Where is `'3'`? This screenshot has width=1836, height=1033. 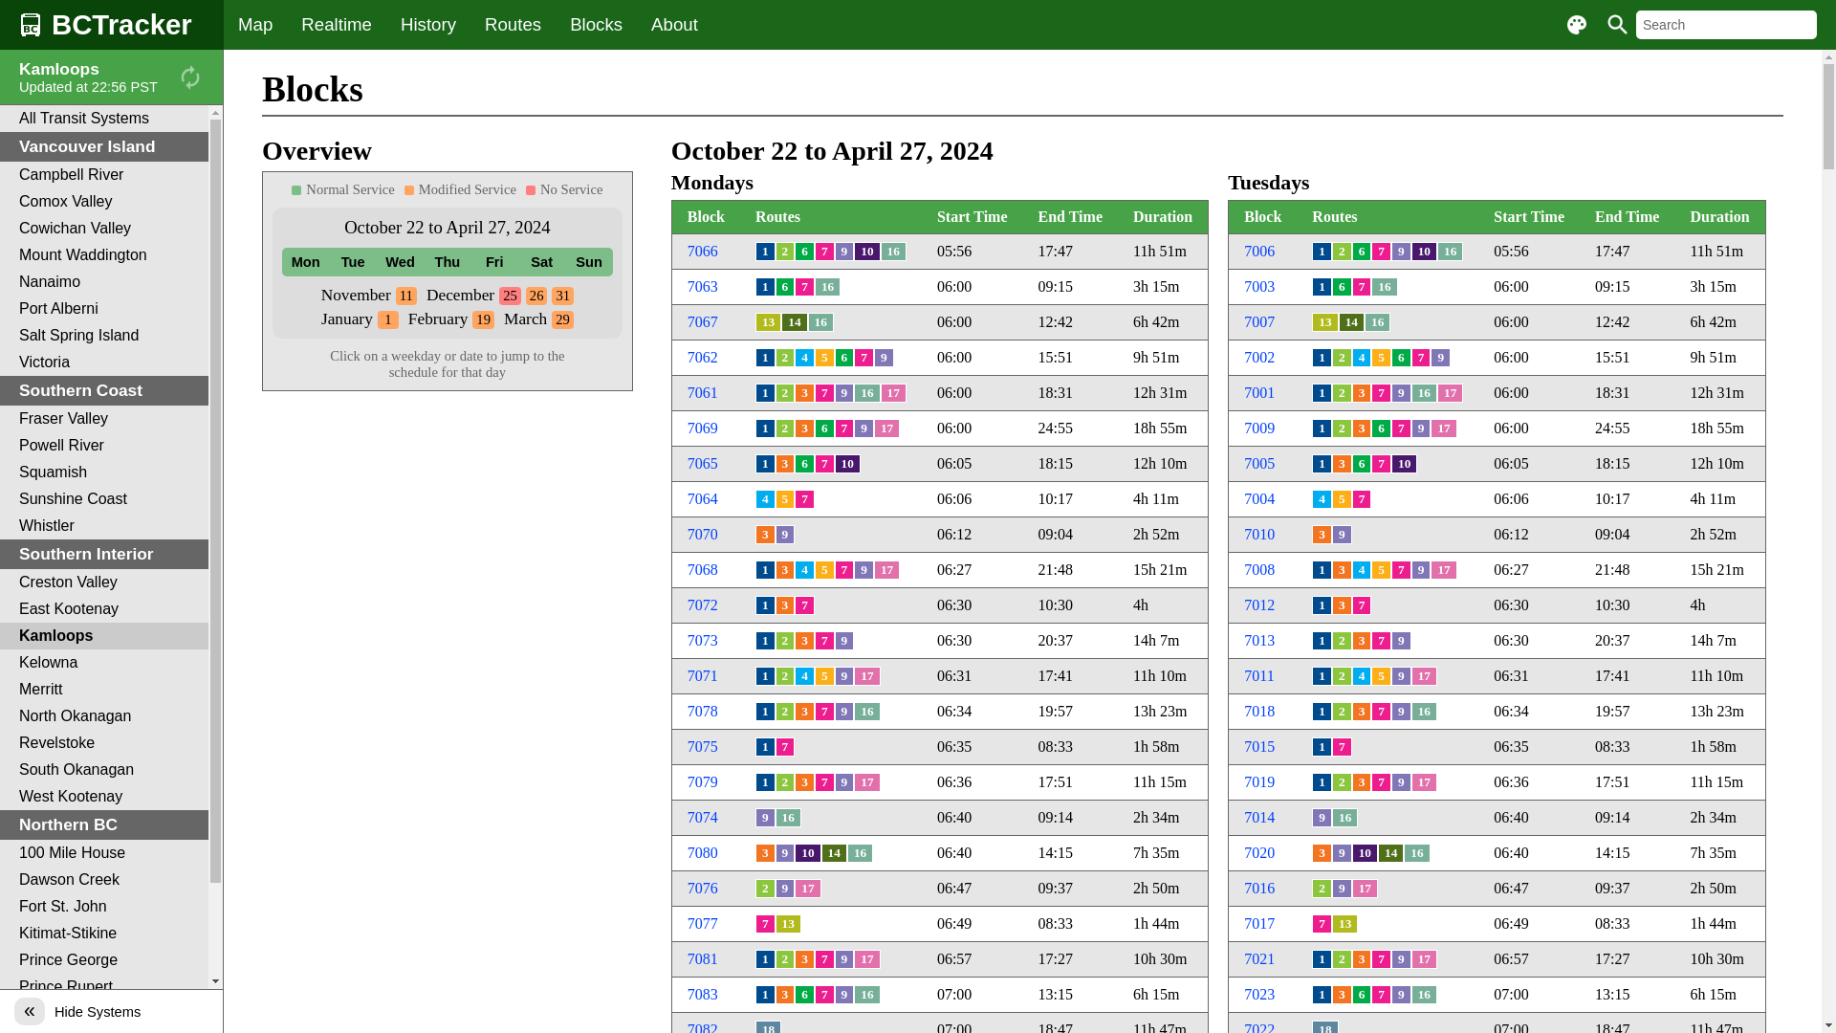
'3' is located at coordinates (785, 994).